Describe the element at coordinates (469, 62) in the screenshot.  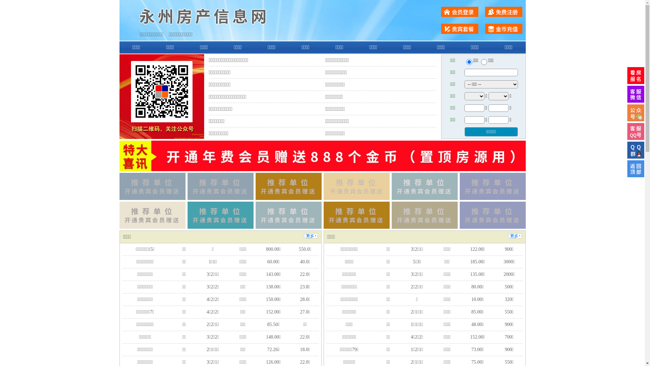
I see `'ershou'` at that location.